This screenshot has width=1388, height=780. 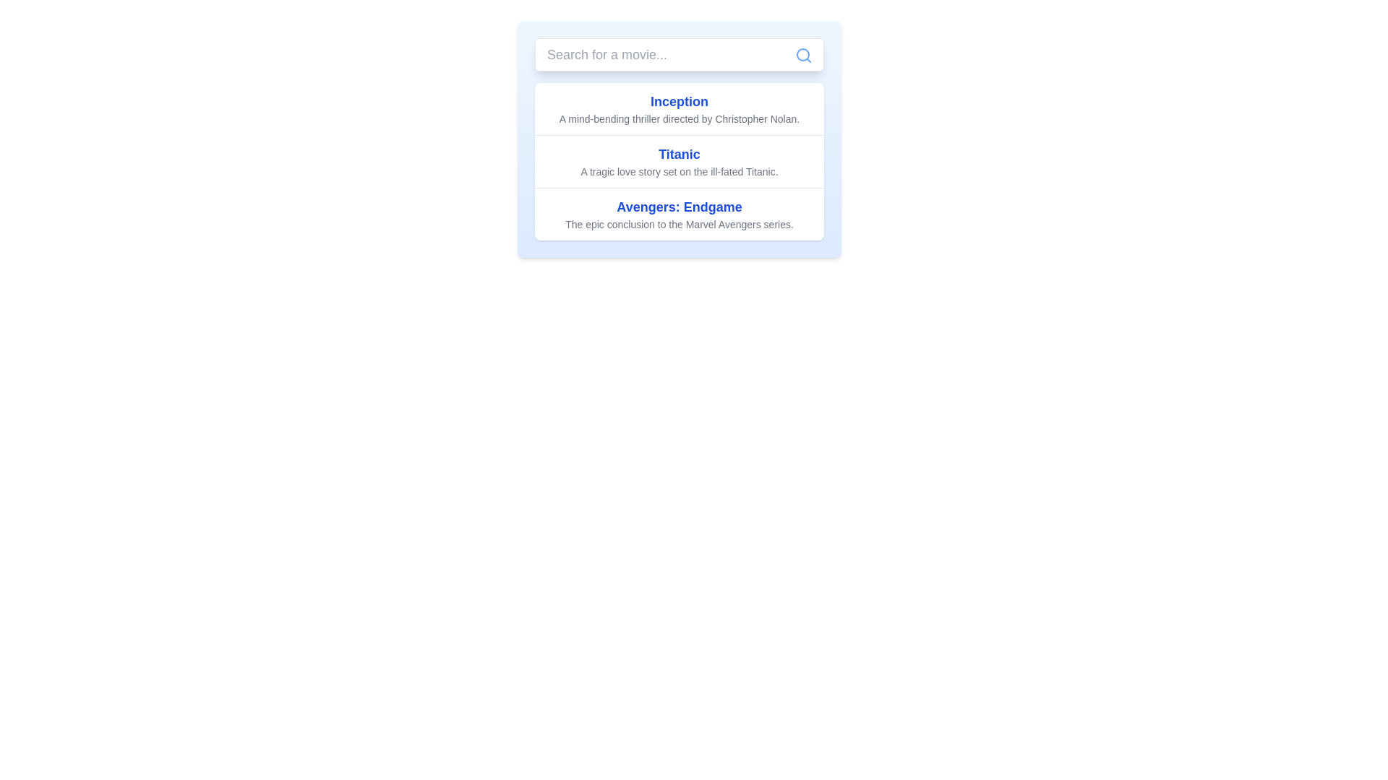 I want to click on the text label that states 'A tragic love story set on the ill-fated Titanic.', which is styled in a smaller gray font and is located directly below the title 'Titanic', so click(x=679, y=171).